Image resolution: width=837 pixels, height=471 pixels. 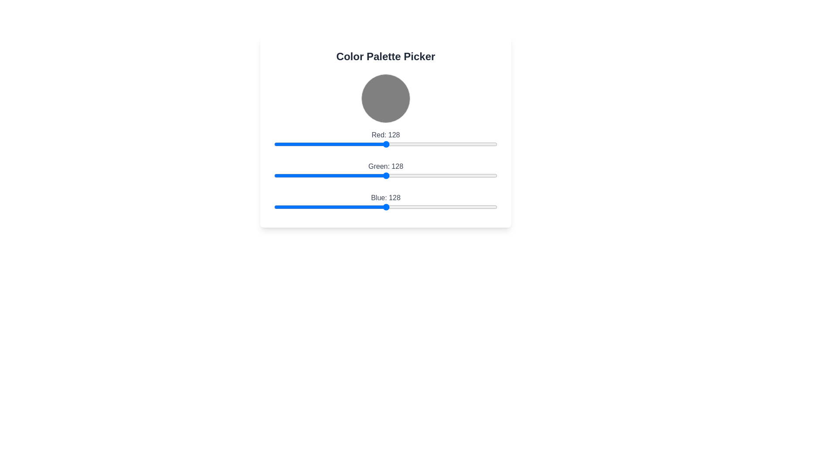 What do you see at coordinates (299, 144) in the screenshot?
I see `the red color component` at bounding box center [299, 144].